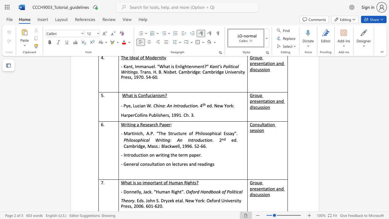 The height and width of the screenshot is (219, 389). Describe the element at coordinates (190, 182) in the screenshot. I see `the subset text "ht" within the text "What is so important of Human Rights?"` at that location.